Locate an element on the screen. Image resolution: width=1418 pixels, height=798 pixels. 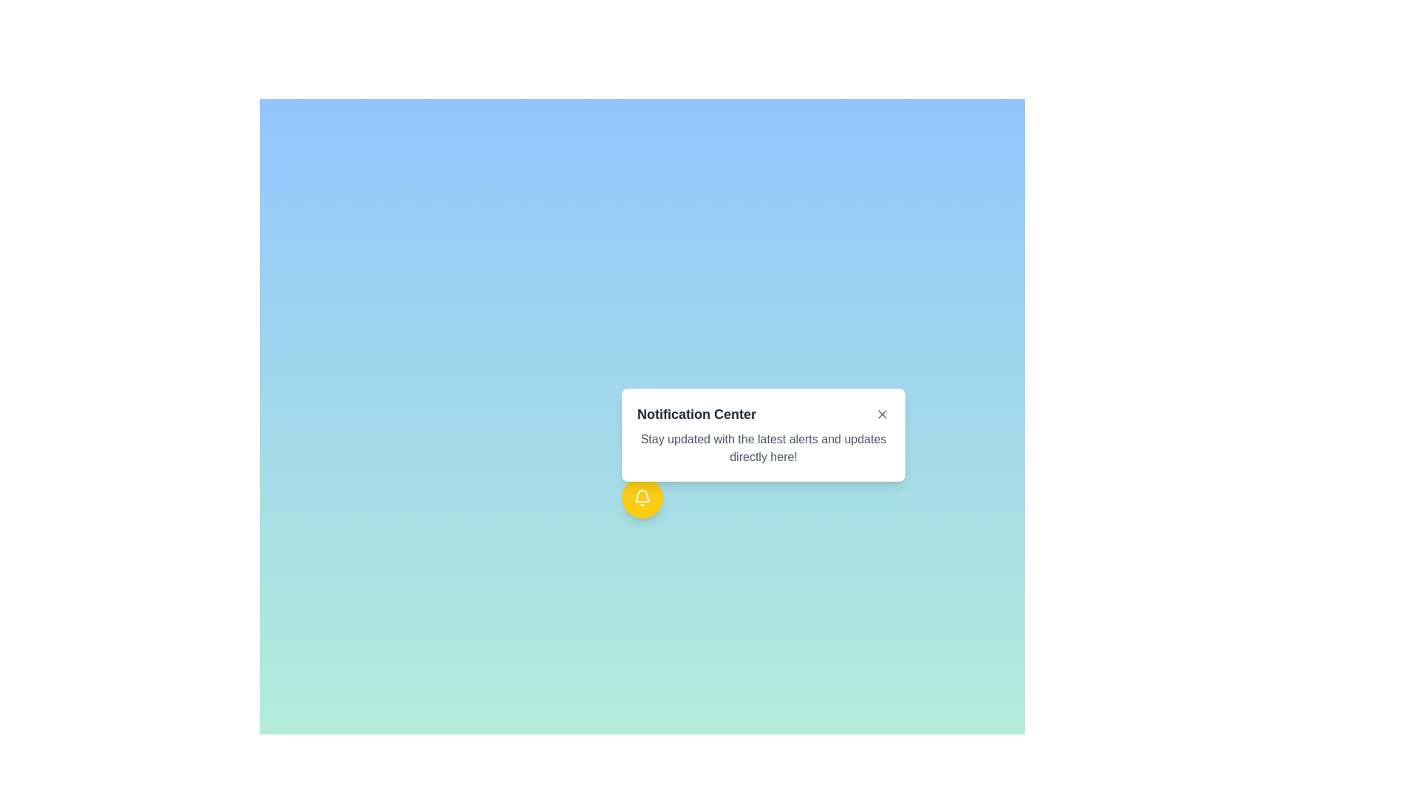
the 'X' shaped Close button located at the top right corner of the Notification Center popup is located at coordinates (883, 414).